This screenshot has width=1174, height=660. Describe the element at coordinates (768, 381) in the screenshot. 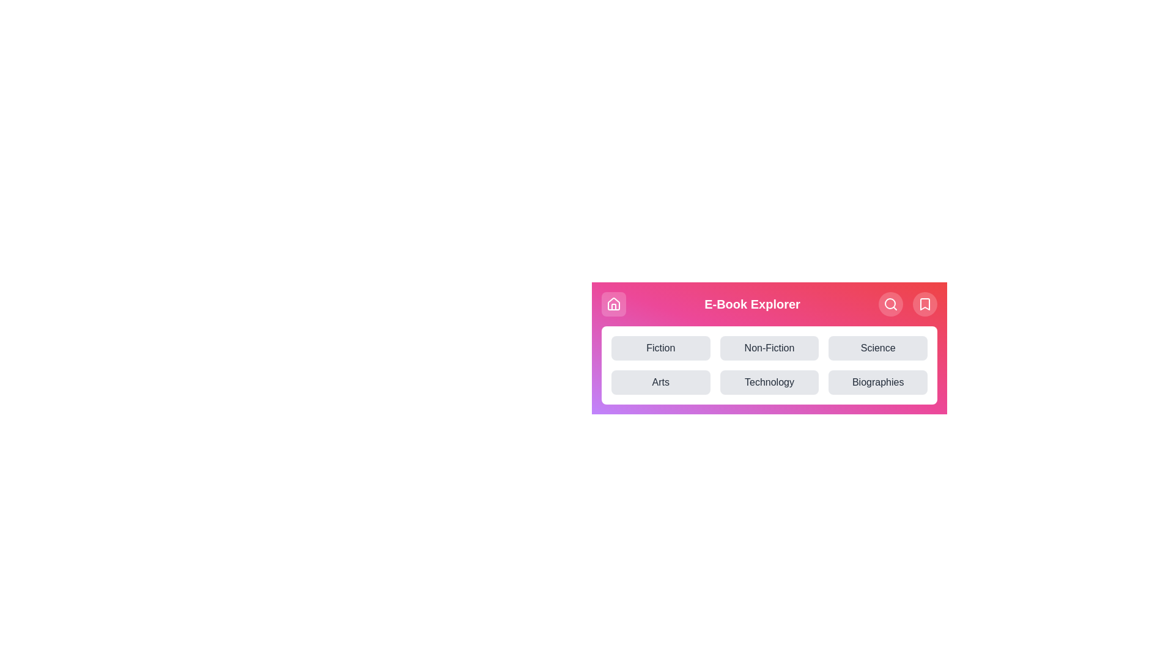

I see `the category button labeled Technology` at that location.